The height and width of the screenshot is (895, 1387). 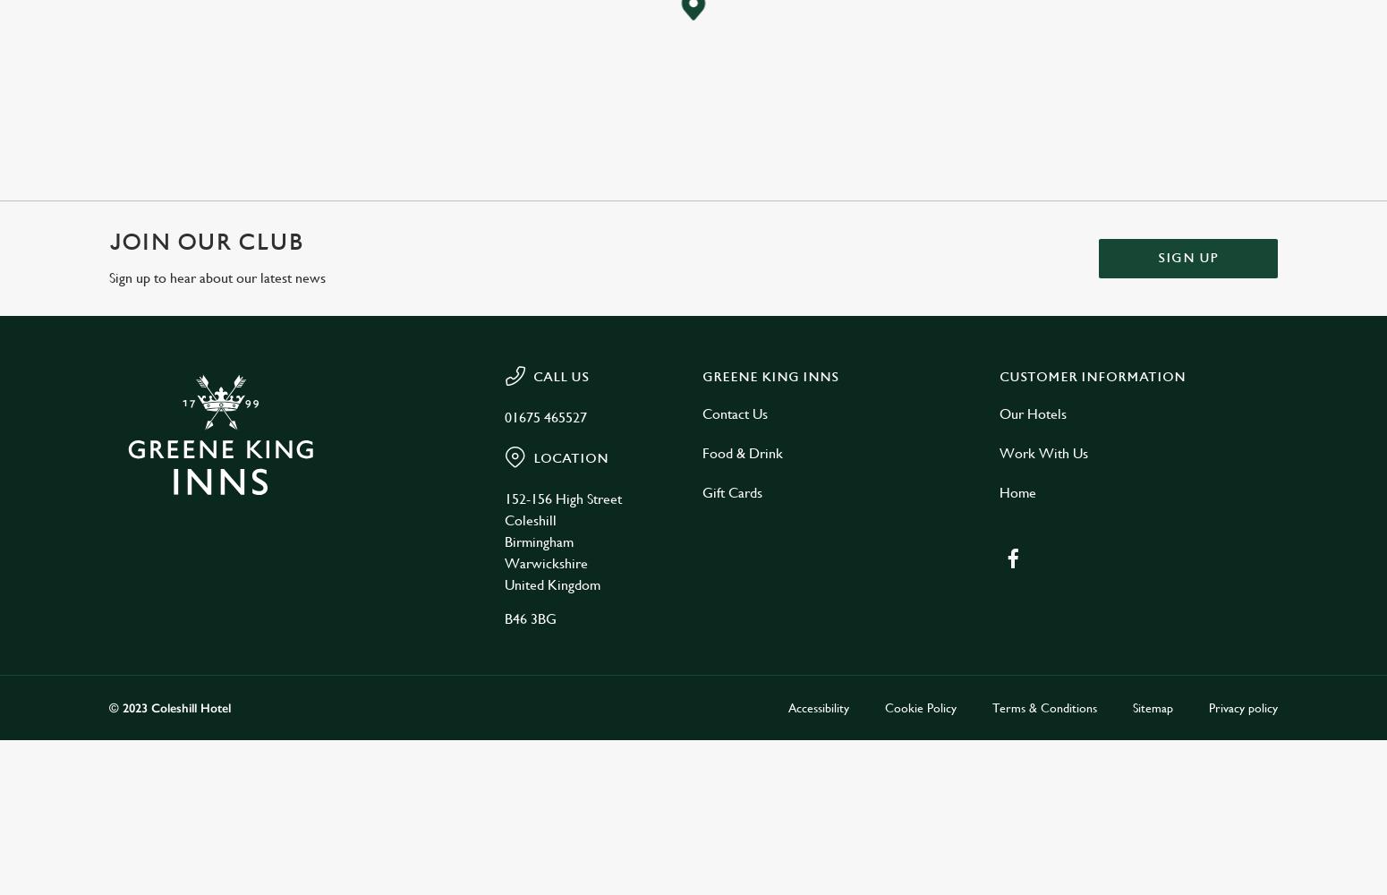 What do you see at coordinates (505, 541) in the screenshot?
I see `'Birmingham'` at bounding box center [505, 541].